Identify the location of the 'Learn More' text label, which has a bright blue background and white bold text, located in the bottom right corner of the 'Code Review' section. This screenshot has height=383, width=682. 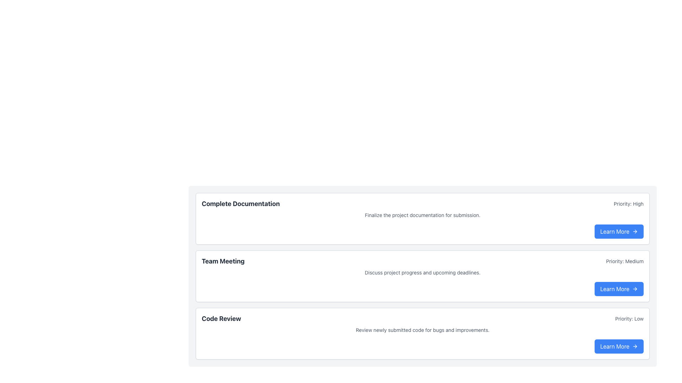
(614, 346).